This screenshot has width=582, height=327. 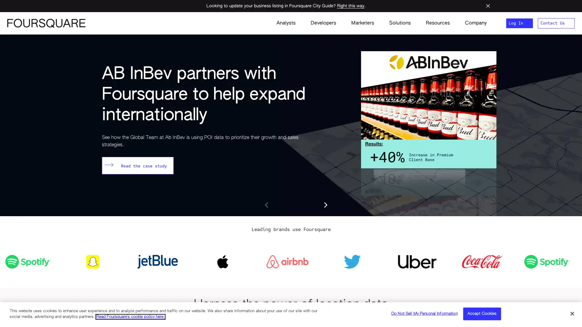 I want to click on Do Not Sell My Personal Information, so click(x=424, y=313).